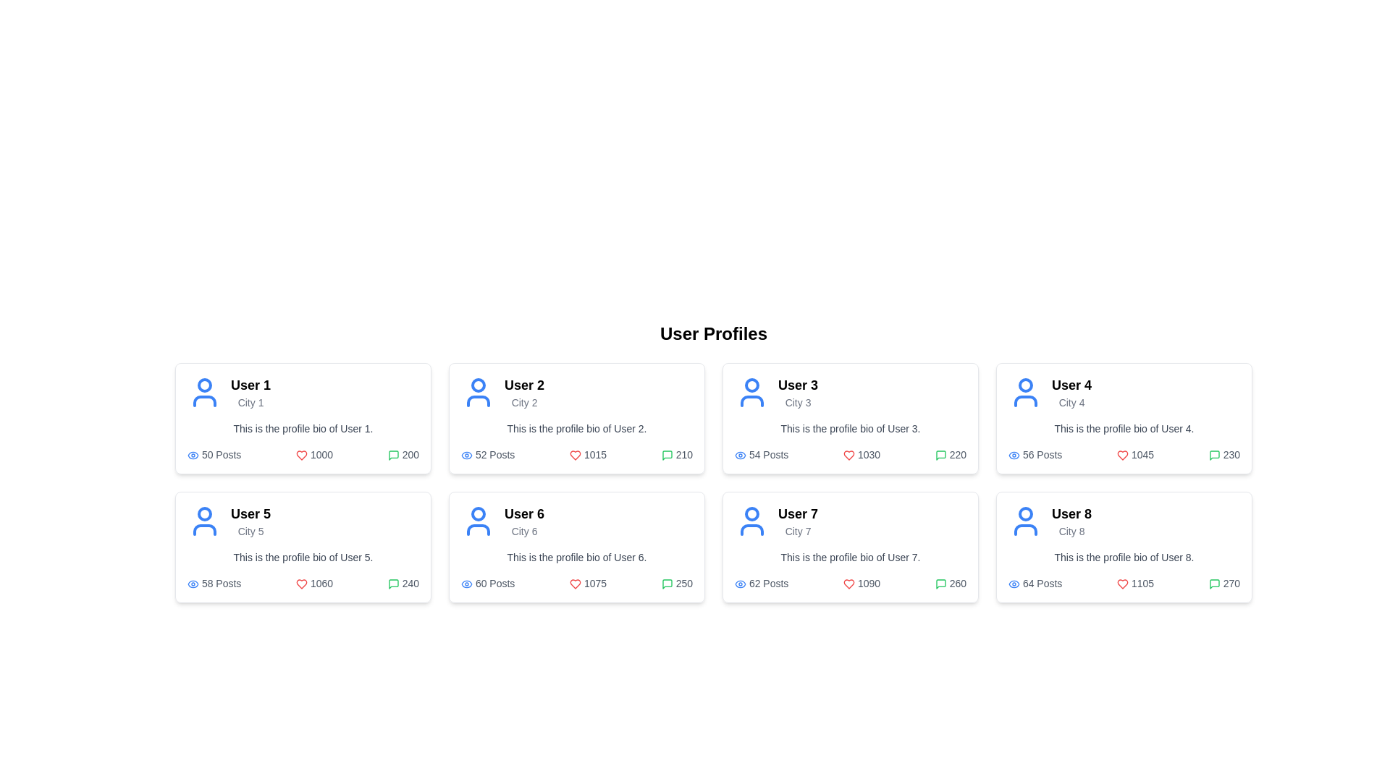 The height and width of the screenshot is (781, 1390). I want to click on the 'like' icon located at the bottom center of the card for 'User 8', adjacent to the likes count '1105', so click(1121, 584).